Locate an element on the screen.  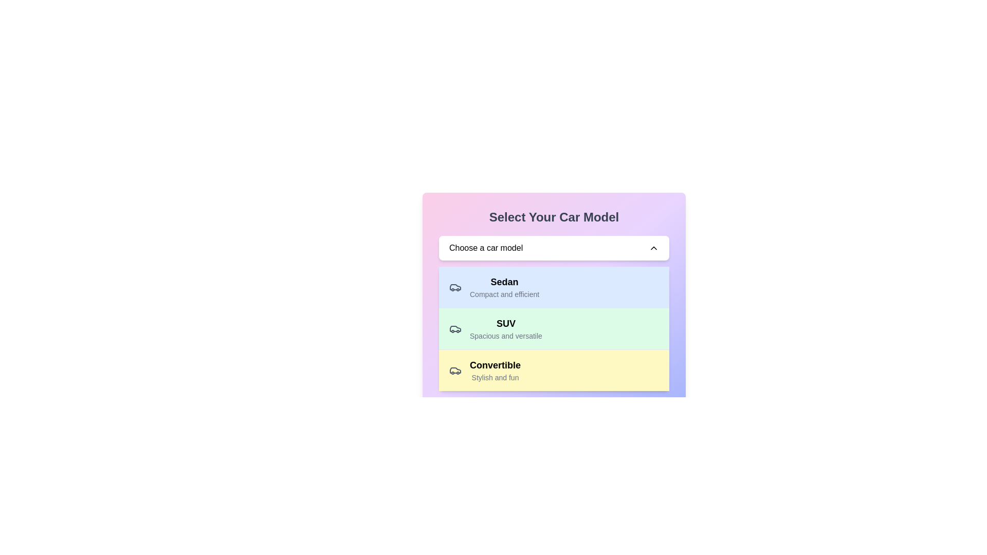
the icon representing the 'Sedan' car model option, located beside the text 'Sedan Compact and efficient' is located at coordinates (455, 287).